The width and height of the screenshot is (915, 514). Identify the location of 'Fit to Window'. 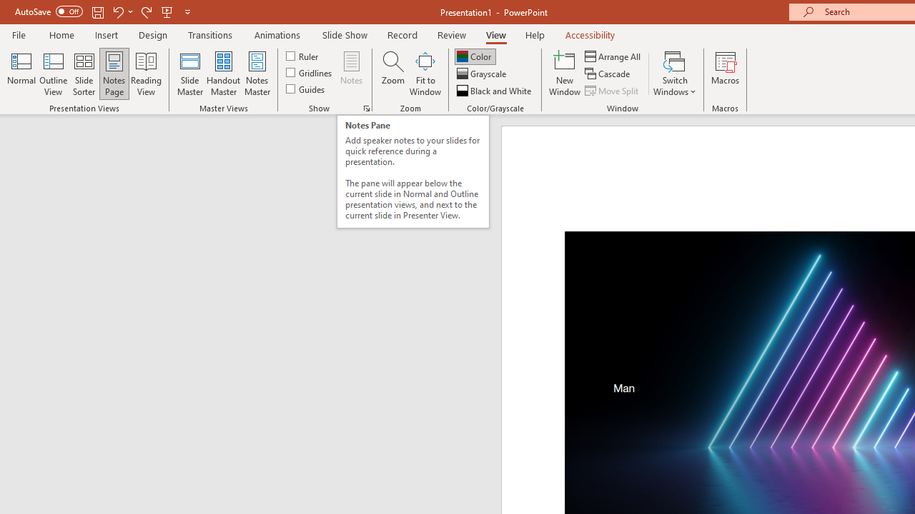
(425, 74).